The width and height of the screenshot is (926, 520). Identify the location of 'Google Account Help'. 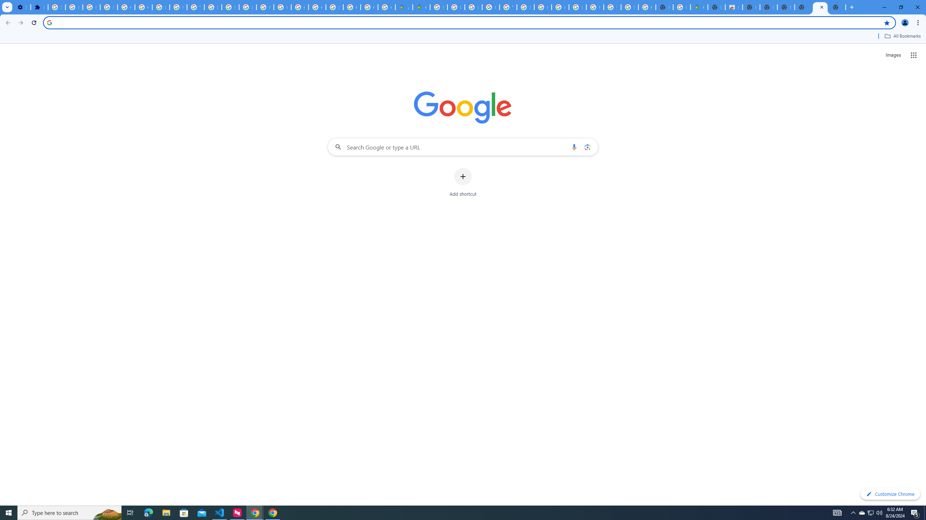
(126, 7).